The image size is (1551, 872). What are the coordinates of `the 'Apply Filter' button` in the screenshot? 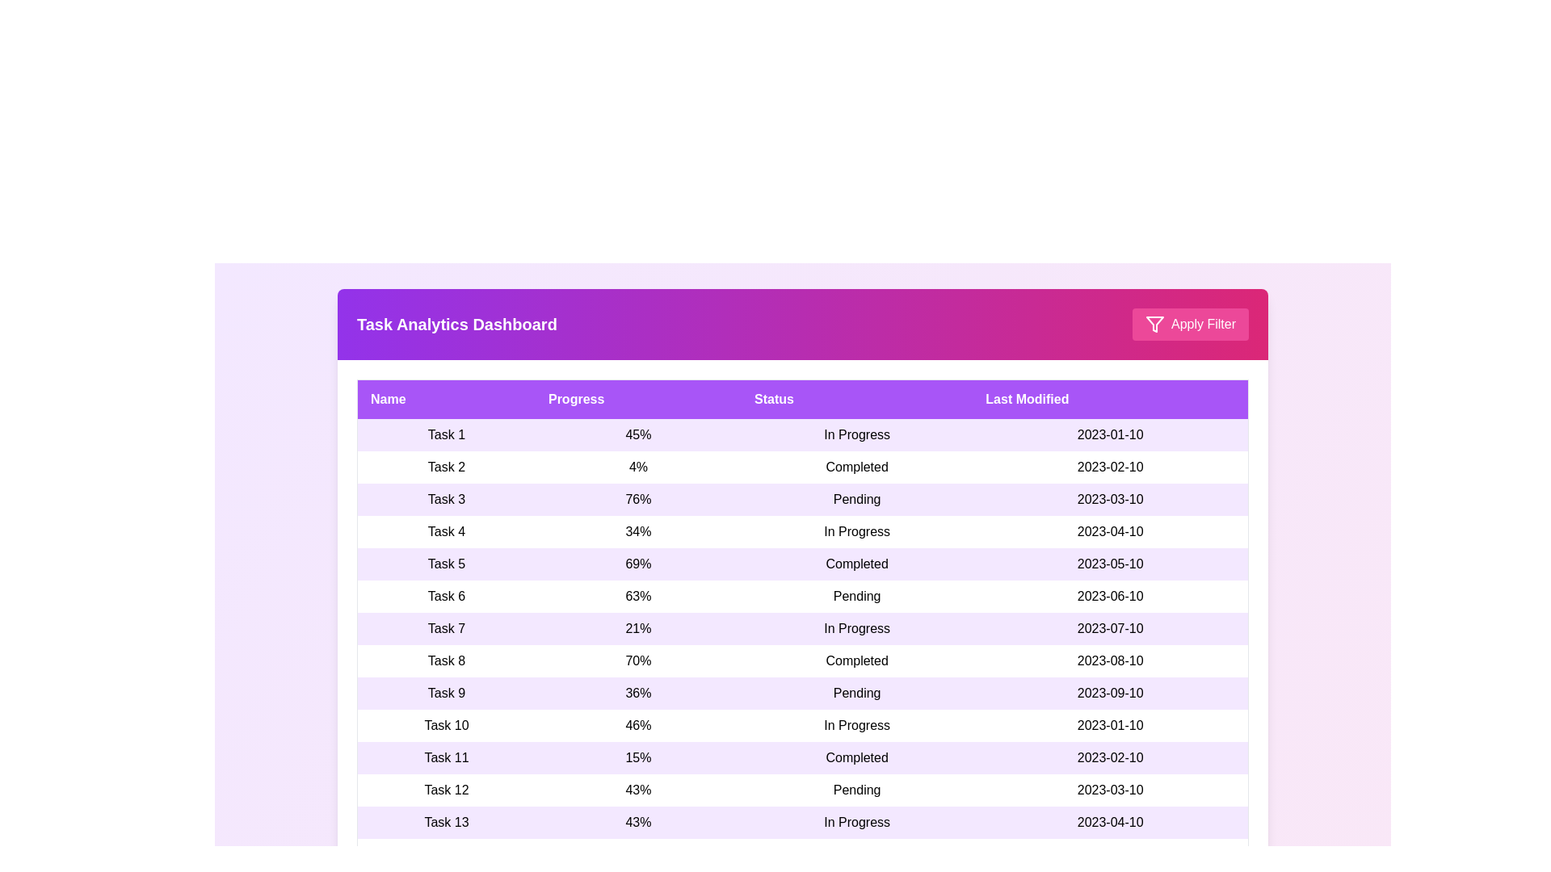 It's located at (1190, 324).